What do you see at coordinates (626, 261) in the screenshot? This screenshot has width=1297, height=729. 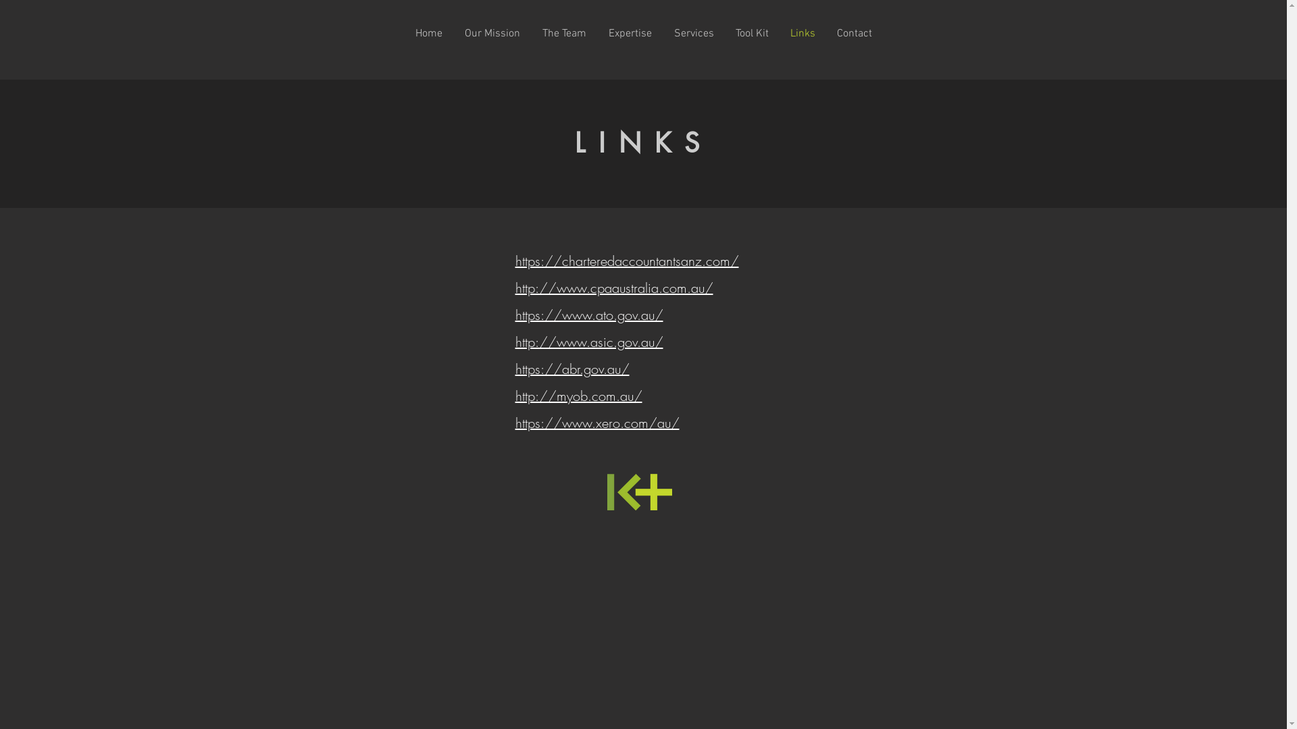 I see `'https://charteredaccountantsanz.com/'` at bounding box center [626, 261].